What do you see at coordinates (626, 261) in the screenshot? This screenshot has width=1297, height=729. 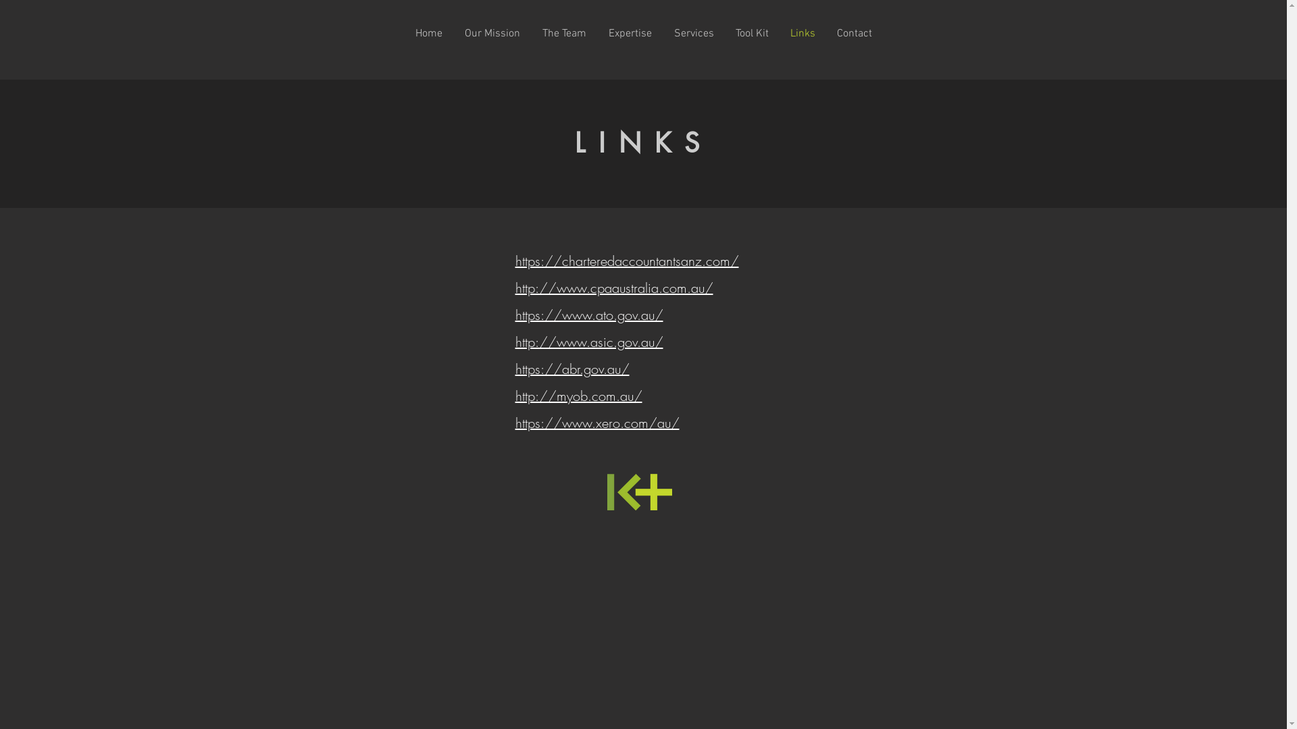 I see `'https://charteredaccountantsanz.com/'` at bounding box center [626, 261].